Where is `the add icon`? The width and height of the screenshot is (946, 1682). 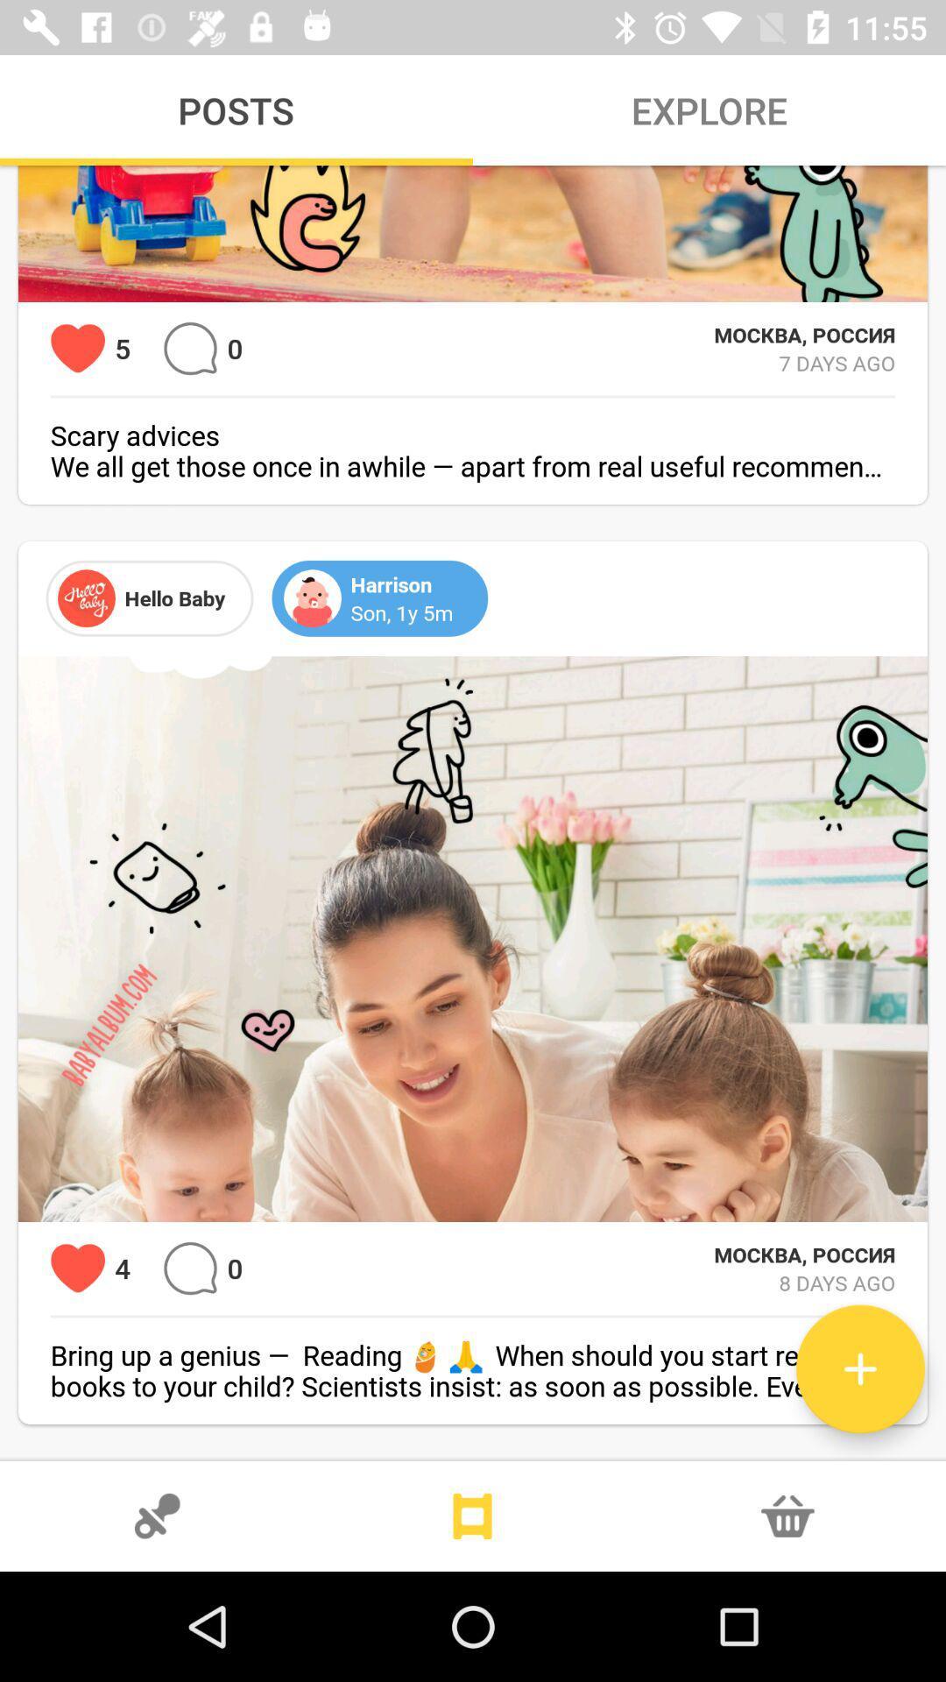
the add icon is located at coordinates (859, 1368).